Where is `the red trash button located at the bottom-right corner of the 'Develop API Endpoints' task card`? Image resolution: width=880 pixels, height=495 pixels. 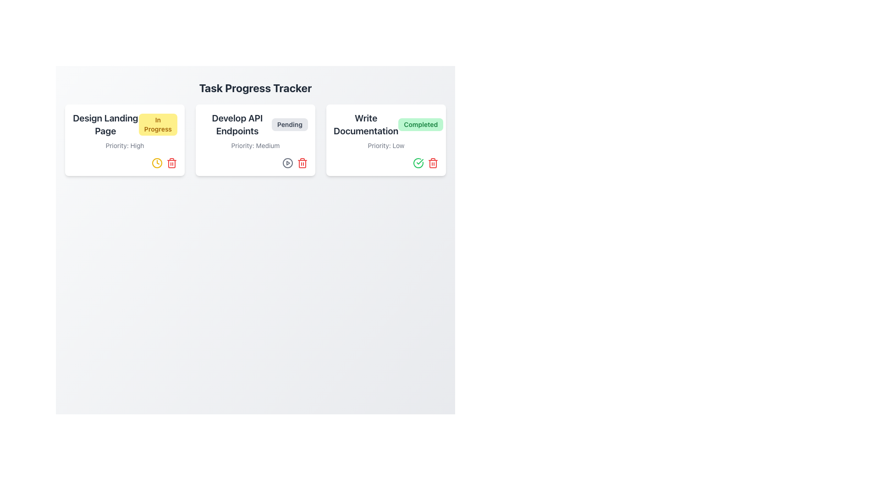
the red trash button located at the bottom-right corner of the 'Develop API Endpoints' task card is located at coordinates (255, 162).